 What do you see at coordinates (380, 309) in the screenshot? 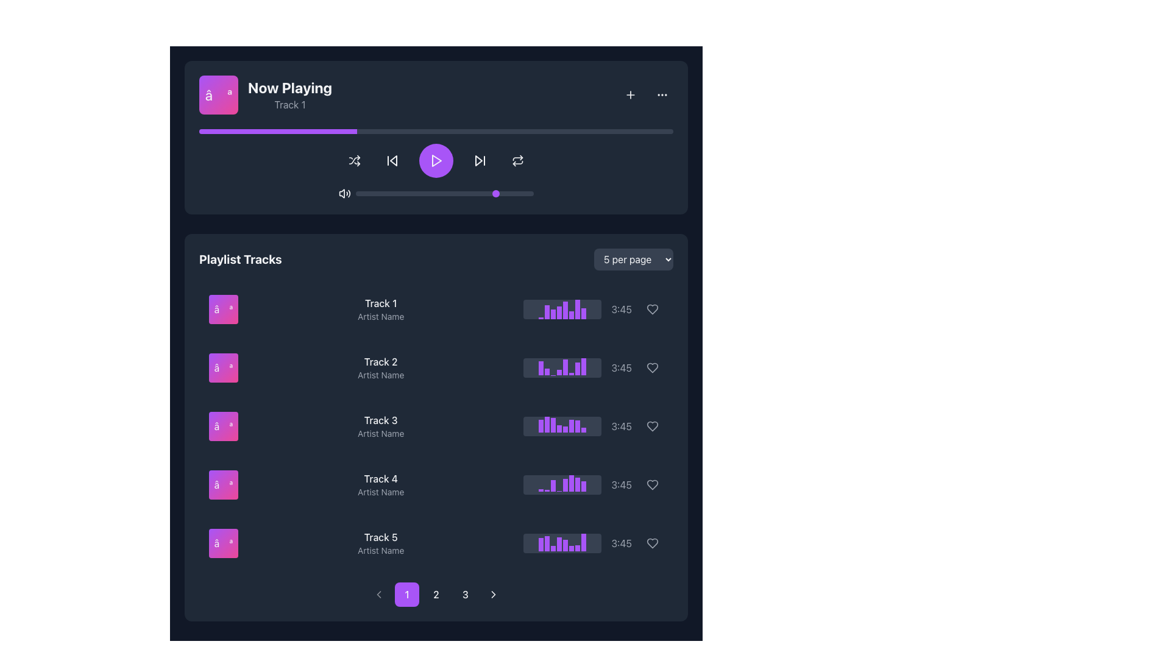
I see `the first track entry in the playlist, which displays the track name and artist's name, located in the central-left area under the 'Playlist Tracks' heading` at bounding box center [380, 309].